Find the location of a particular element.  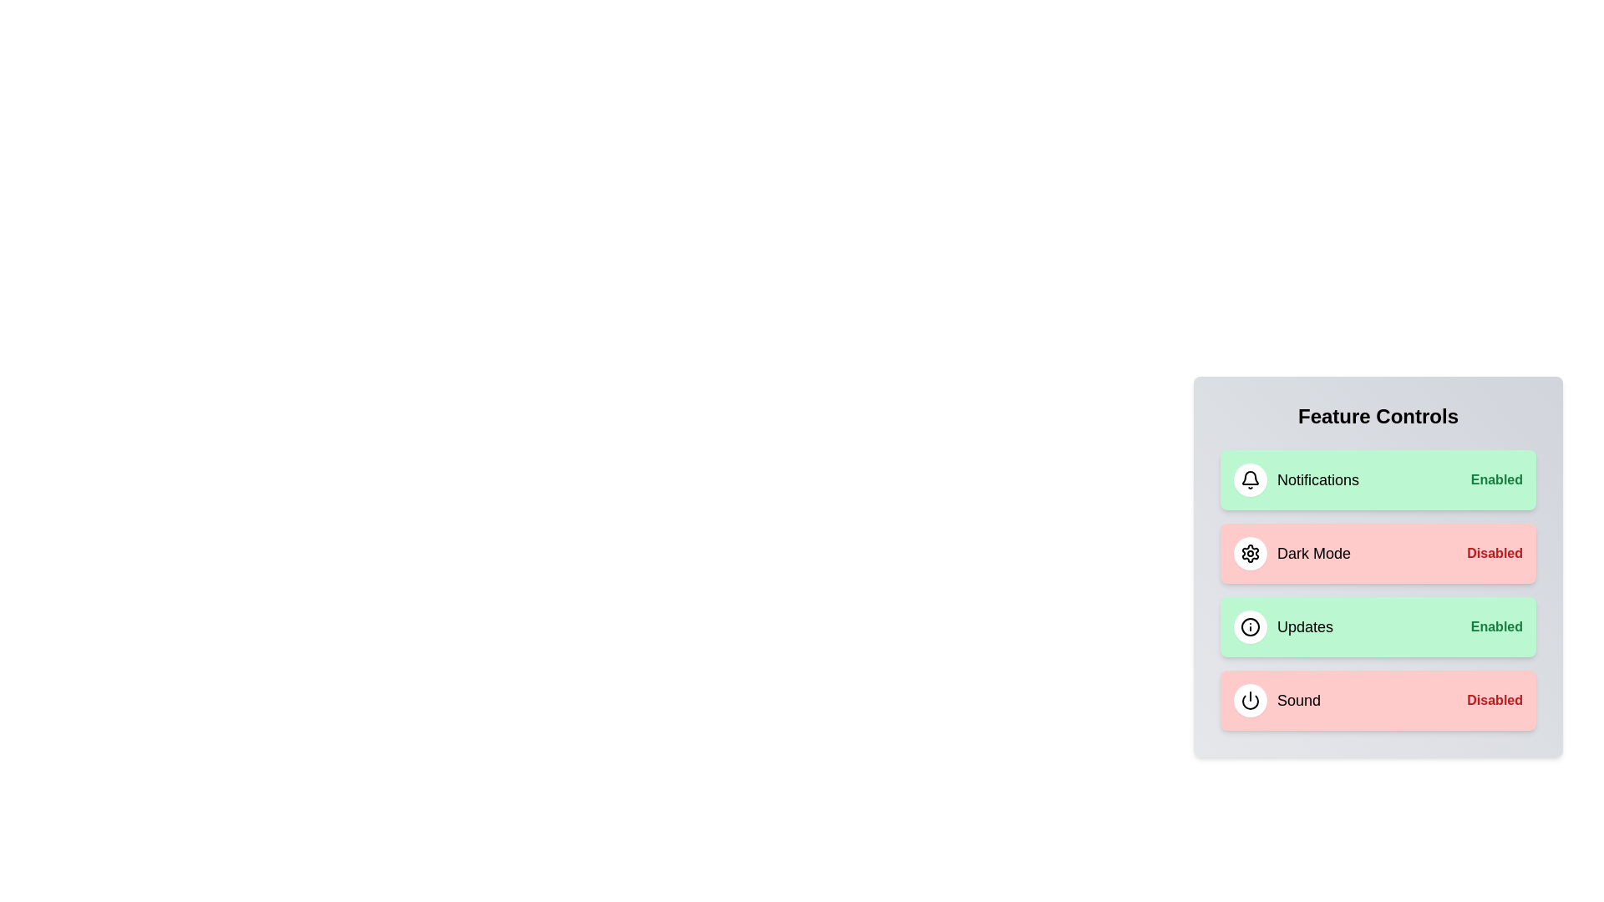

the icon to toggle the state of the Sound feature is located at coordinates (1251, 701).